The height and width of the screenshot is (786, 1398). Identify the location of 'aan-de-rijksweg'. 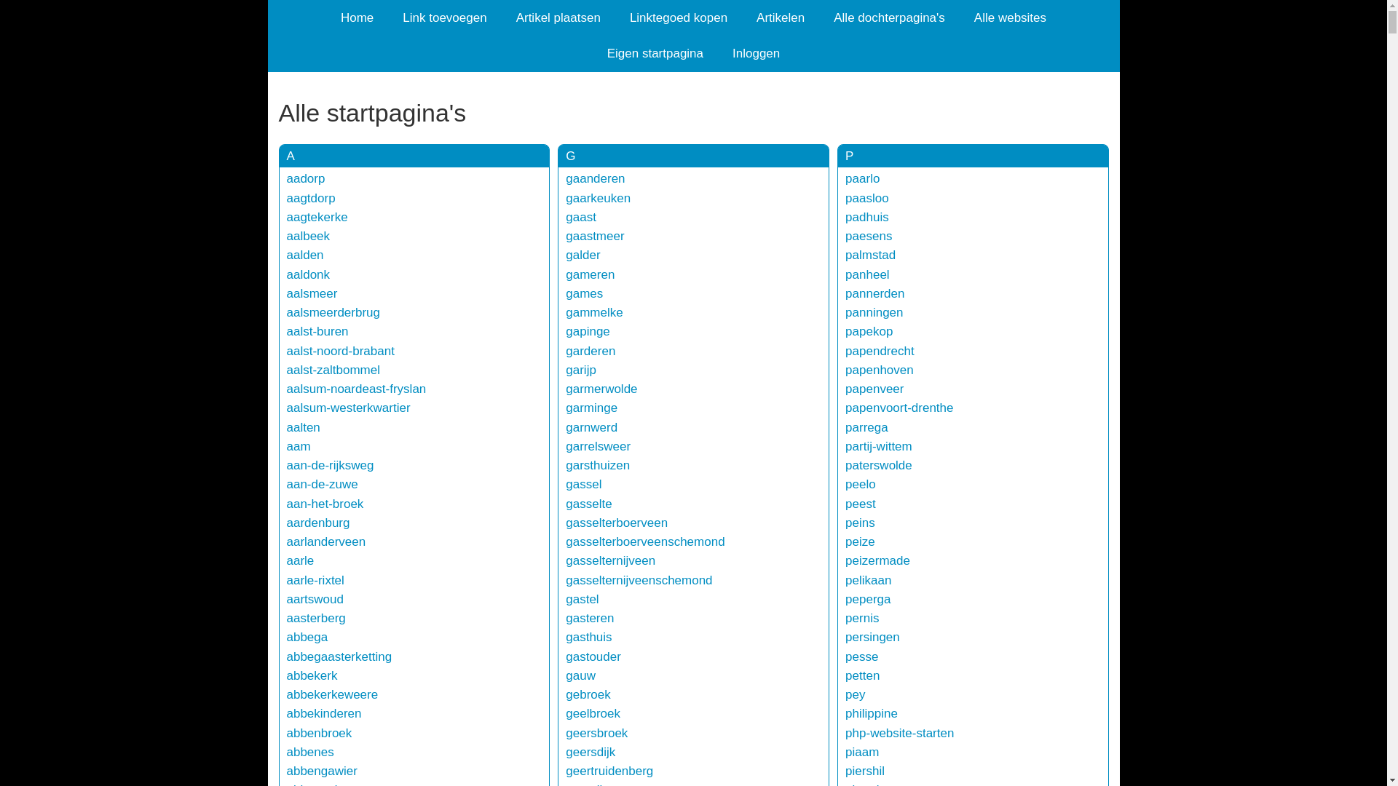
(286, 465).